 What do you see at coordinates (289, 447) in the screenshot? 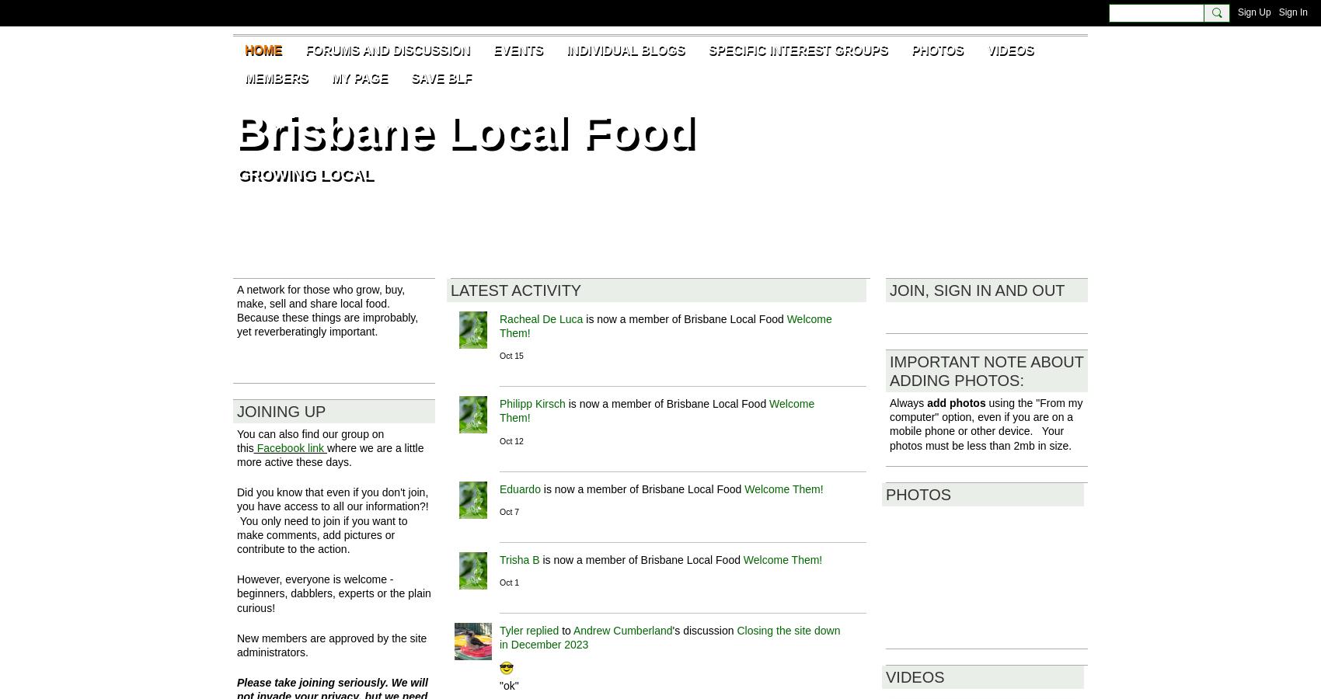
I see `'Facebook link'` at bounding box center [289, 447].